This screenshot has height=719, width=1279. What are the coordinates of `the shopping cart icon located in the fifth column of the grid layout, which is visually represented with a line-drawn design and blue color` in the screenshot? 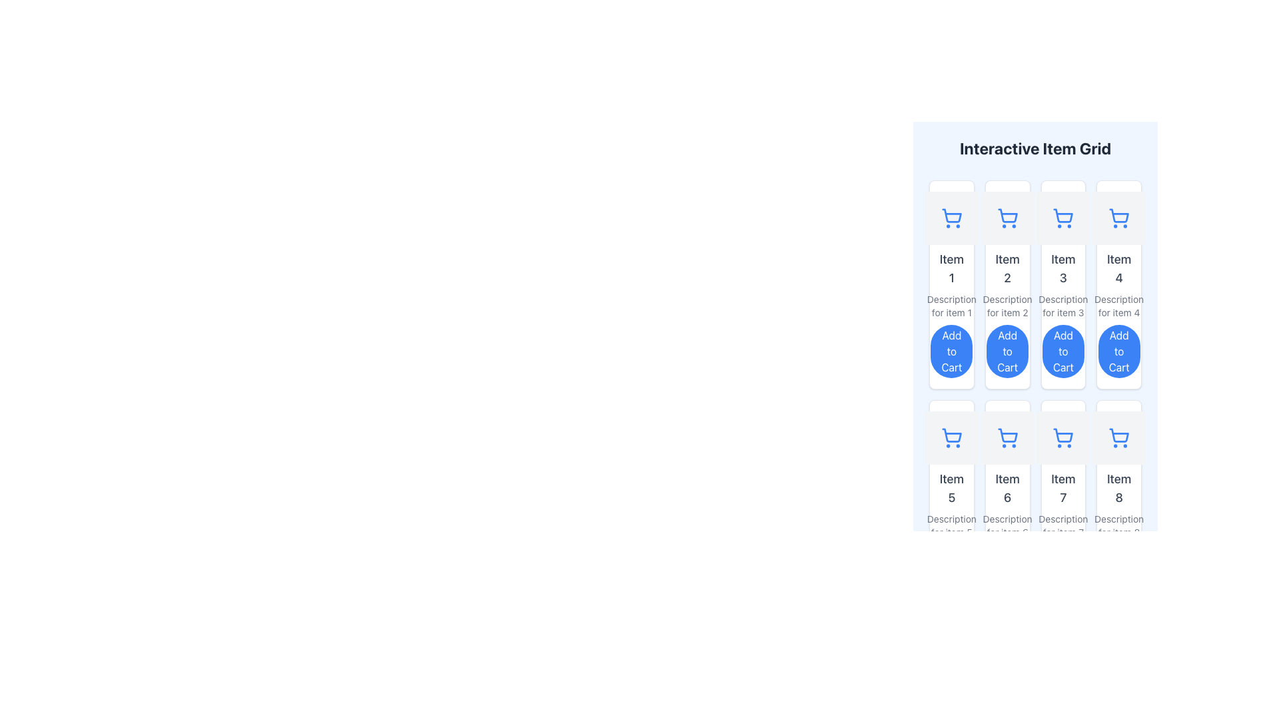 It's located at (951, 435).